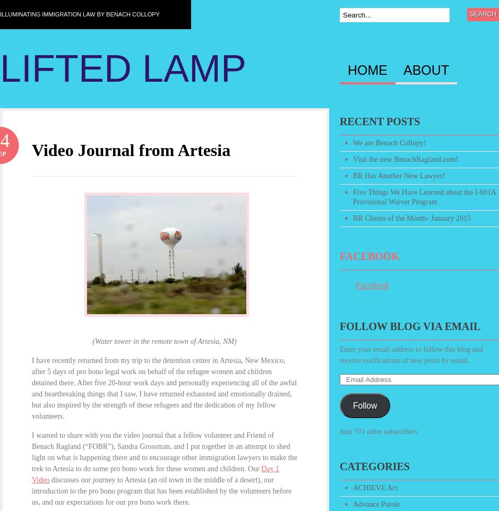  I want to click on 'I wanted to share with you the video journal that a fellow volunteer and Friend of Benach Ragland (“FOBR”), Sandra Grossman, and I put together in an attempt to shed light on what is happening there and to encourage other immigration lawyers to make the trek to Artesia to do some pro bono work for these women and children. Our', so click(164, 452).